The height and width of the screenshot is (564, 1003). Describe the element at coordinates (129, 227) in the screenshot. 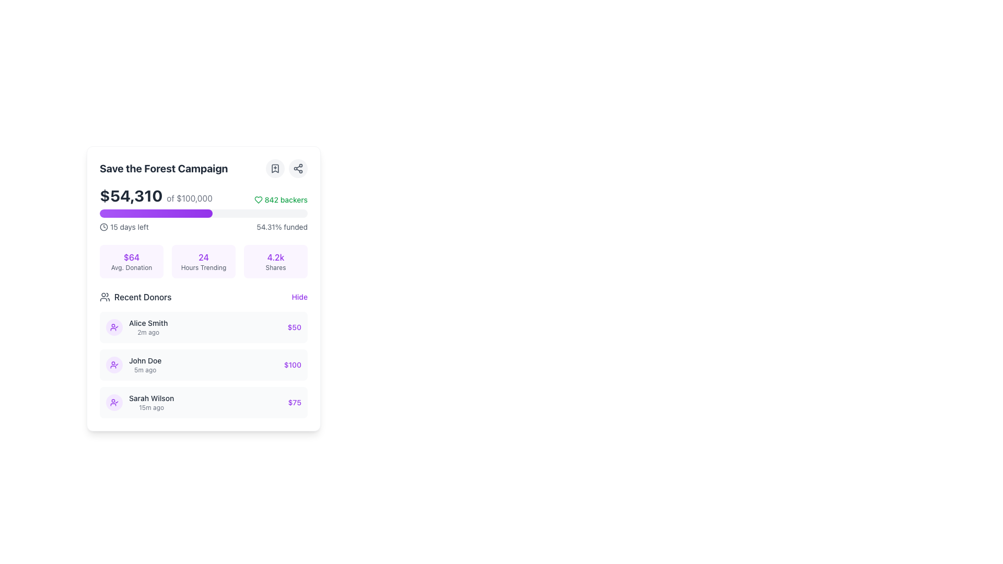

I see `text label that indicates the remaining time for an event or task, positioned slightly below the progress bar and to the left of the numeric percentage, in a visually grouped layout with a clock icon` at that location.